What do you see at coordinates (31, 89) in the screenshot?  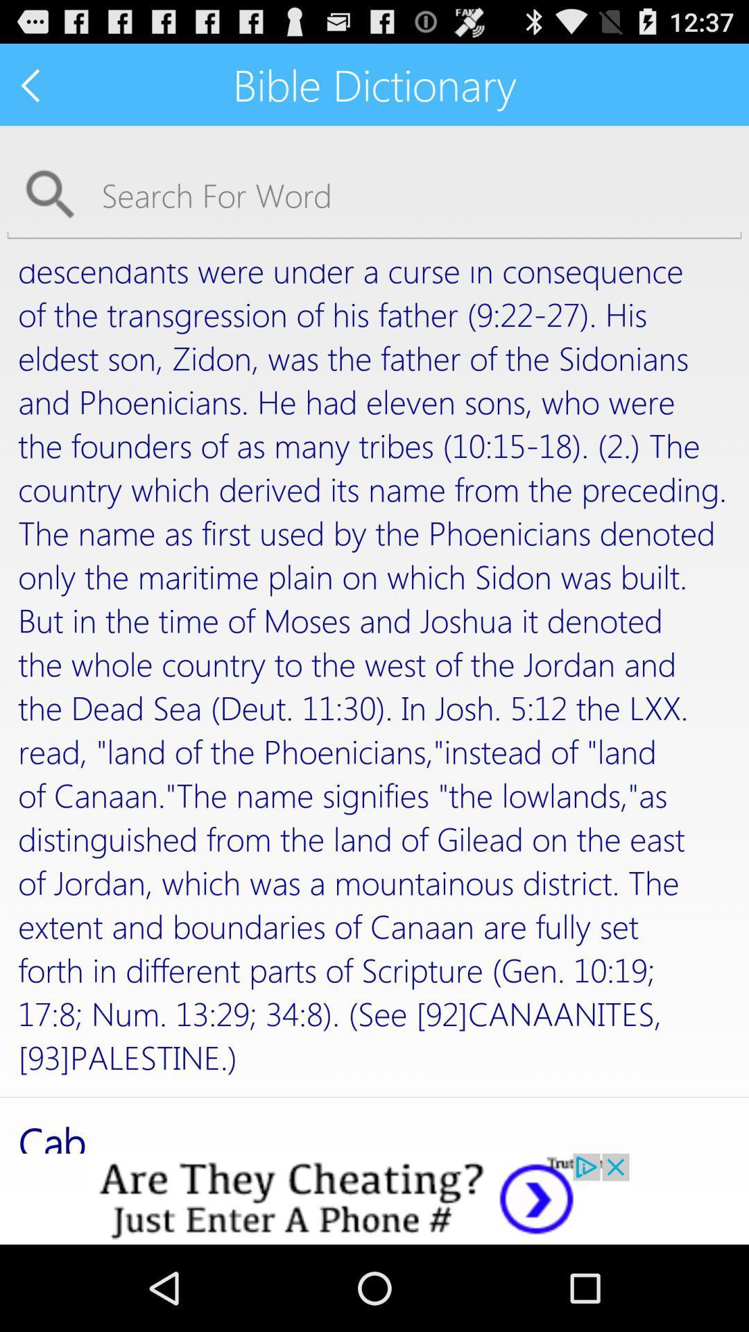 I see `the arrow_backward icon` at bounding box center [31, 89].